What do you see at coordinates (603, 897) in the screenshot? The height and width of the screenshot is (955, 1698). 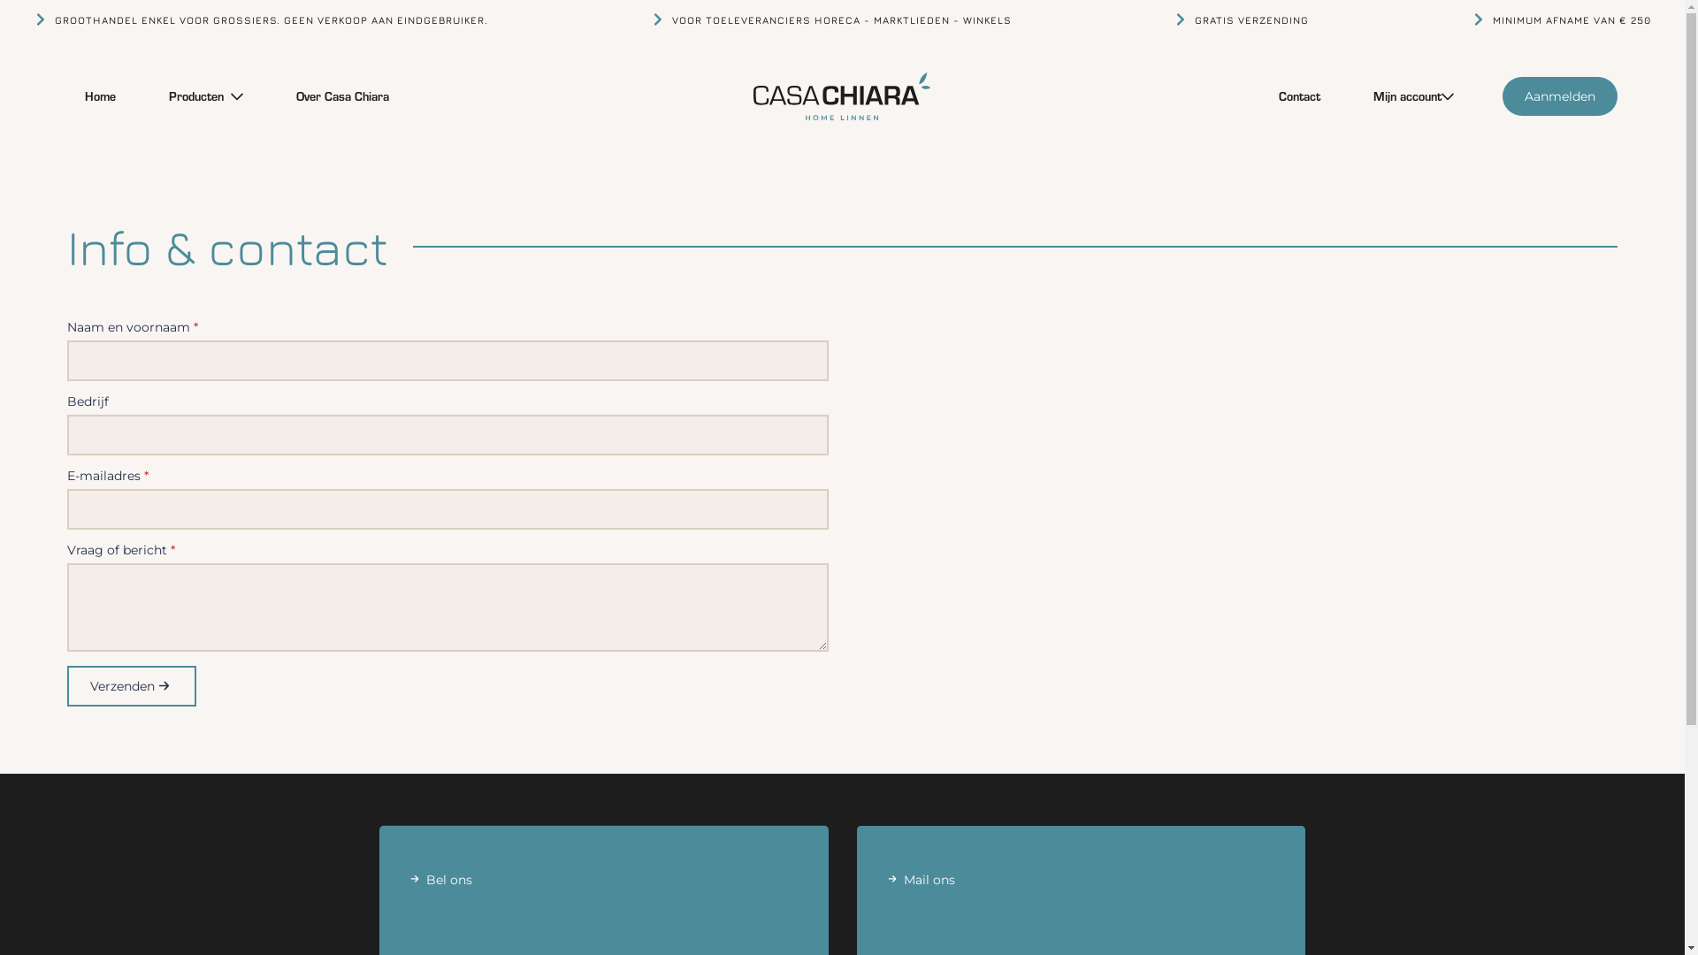 I see `'Bel ons'` at bounding box center [603, 897].